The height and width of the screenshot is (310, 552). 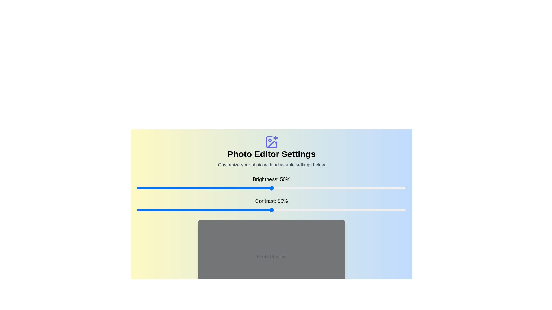 What do you see at coordinates (234, 210) in the screenshot?
I see `the contrast slider to 36%` at bounding box center [234, 210].